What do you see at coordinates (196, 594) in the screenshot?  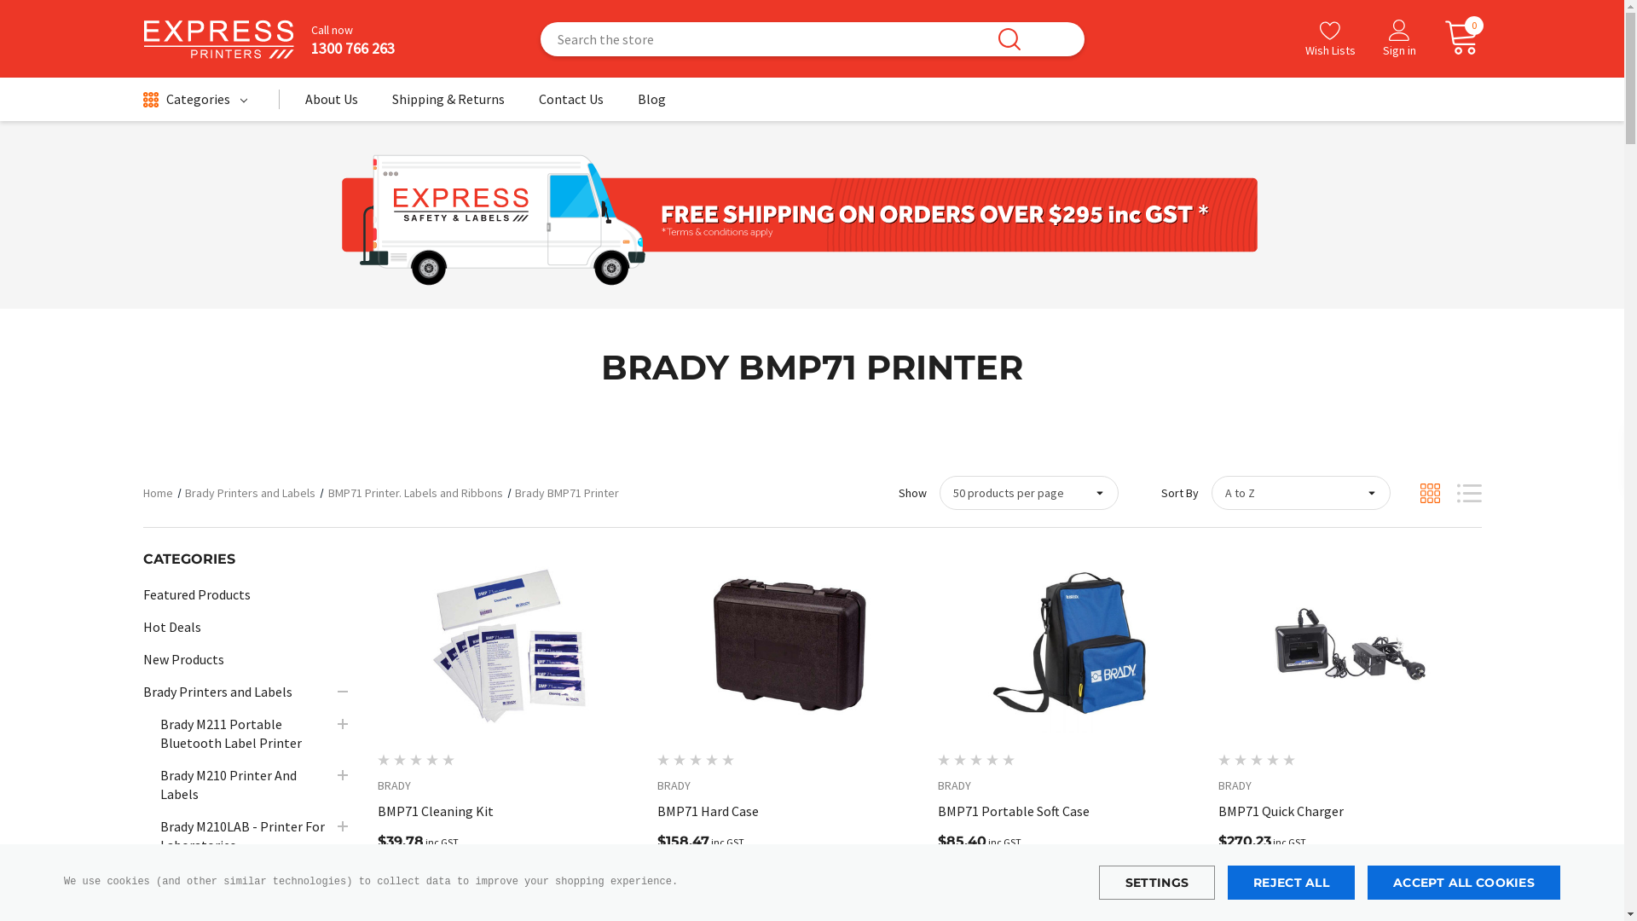 I see `'Featured Products'` at bounding box center [196, 594].